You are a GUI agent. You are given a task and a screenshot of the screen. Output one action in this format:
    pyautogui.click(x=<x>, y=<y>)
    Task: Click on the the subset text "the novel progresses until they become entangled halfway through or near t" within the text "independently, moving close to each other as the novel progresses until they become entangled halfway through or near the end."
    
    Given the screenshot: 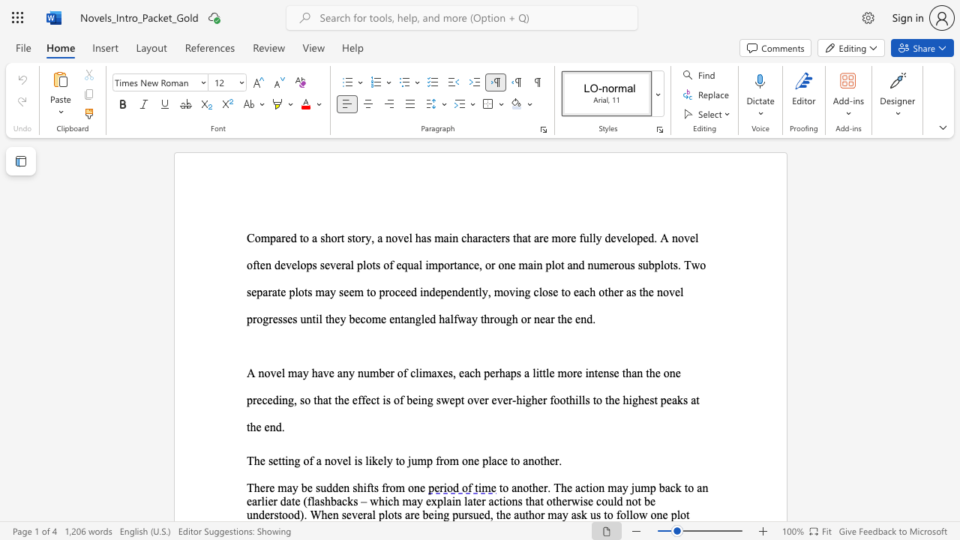 What is the action you would take?
    pyautogui.click(x=639, y=292)
    